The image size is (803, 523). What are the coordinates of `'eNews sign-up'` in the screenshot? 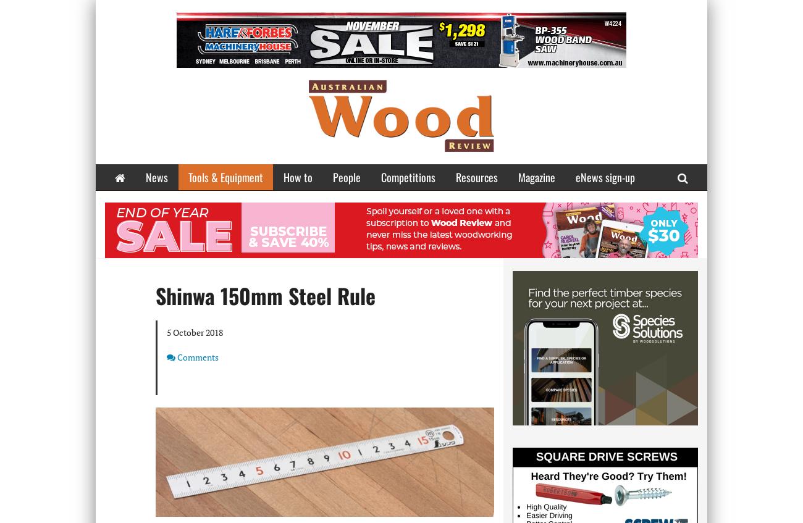 It's located at (604, 176).